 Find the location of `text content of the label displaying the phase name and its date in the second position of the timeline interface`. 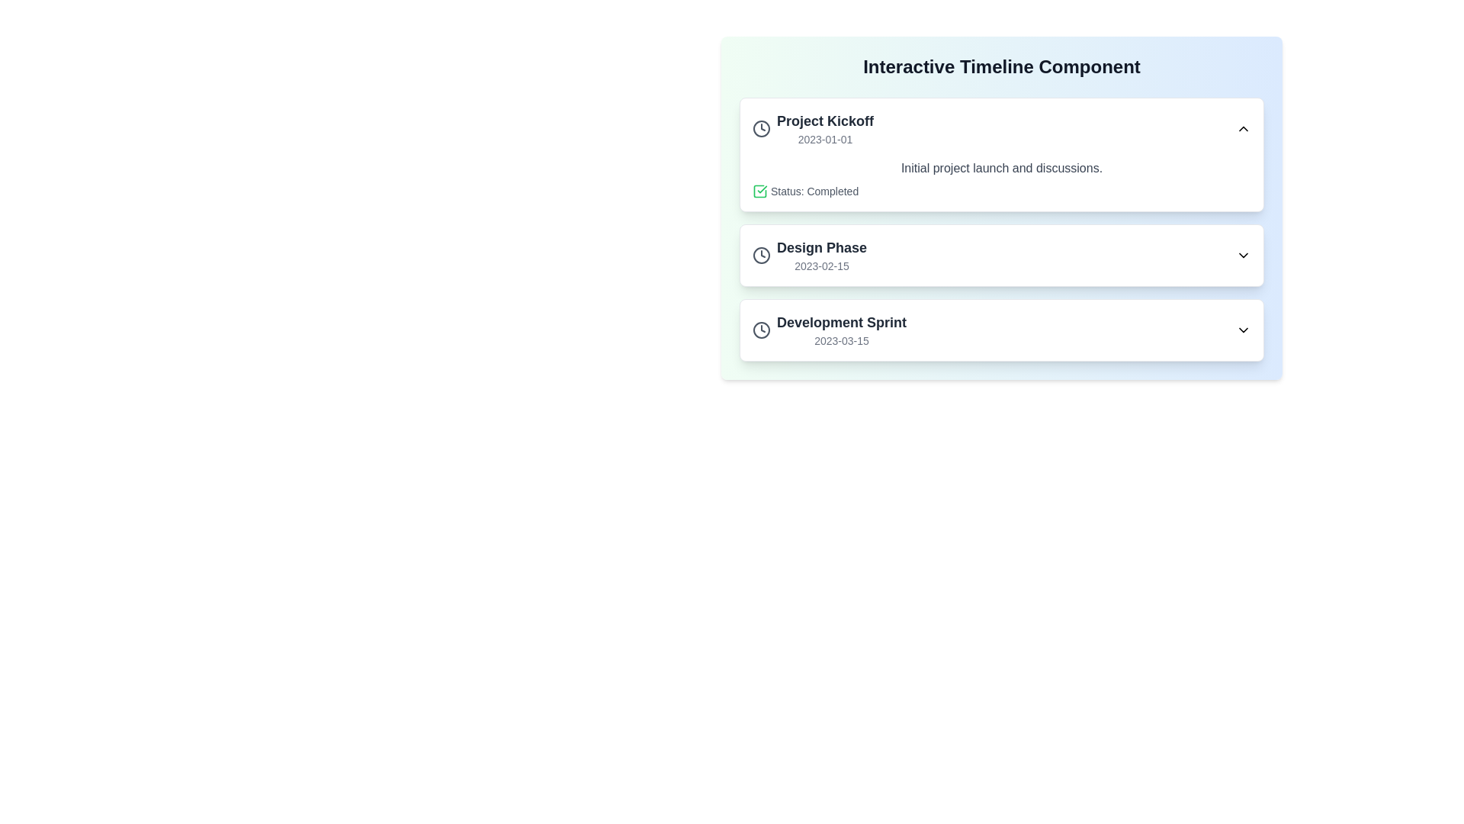

text content of the label displaying the phase name and its date in the second position of the timeline interface is located at coordinates (808, 255).